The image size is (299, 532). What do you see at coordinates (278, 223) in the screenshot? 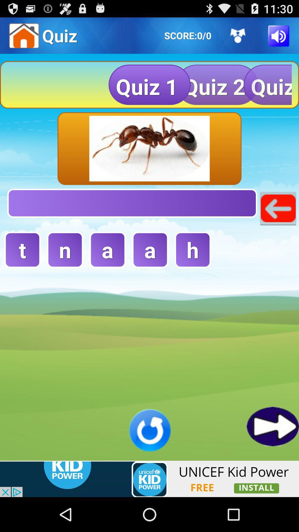
I see `the arrow_backward icon` at bounding box center [278, 223].